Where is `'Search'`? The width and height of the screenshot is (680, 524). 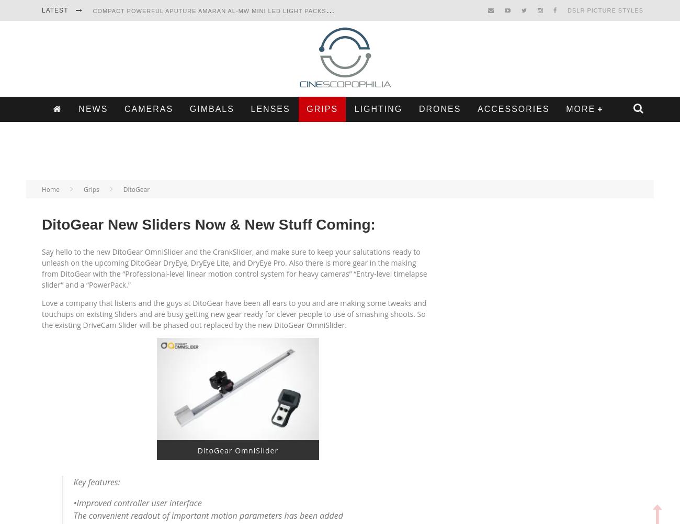
'Search' is located at coordinates (332, 227).